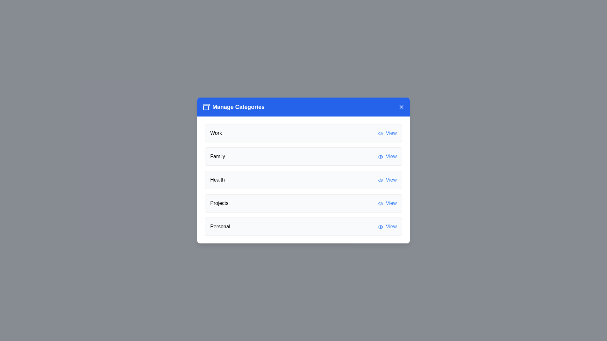 Image resolution: width=607 pixels, height=341 pixels. What do you see at coordinates (387, 203) in the screenshot?
I see `the 'View' button for the category Projects` at bounding box center [387, 203].